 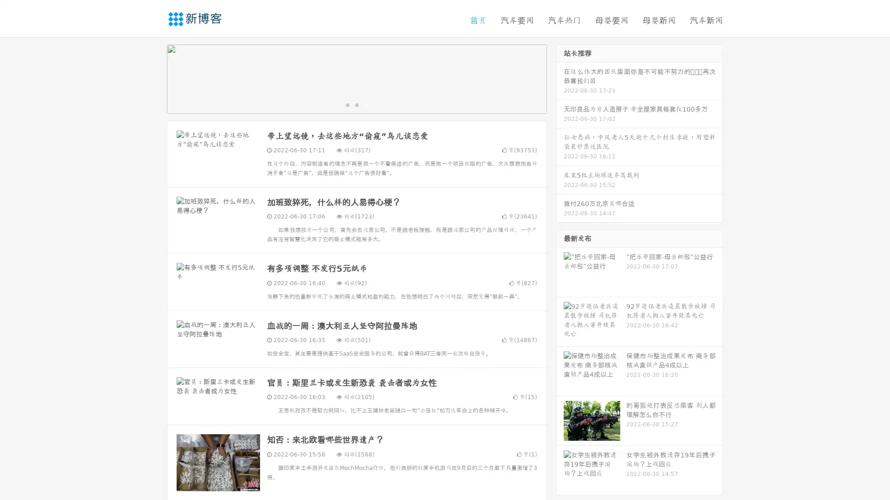 What do you see at coordinates (153, 78) in the screenshot?
I see `Previous slide` at bounding box center [153, 78].